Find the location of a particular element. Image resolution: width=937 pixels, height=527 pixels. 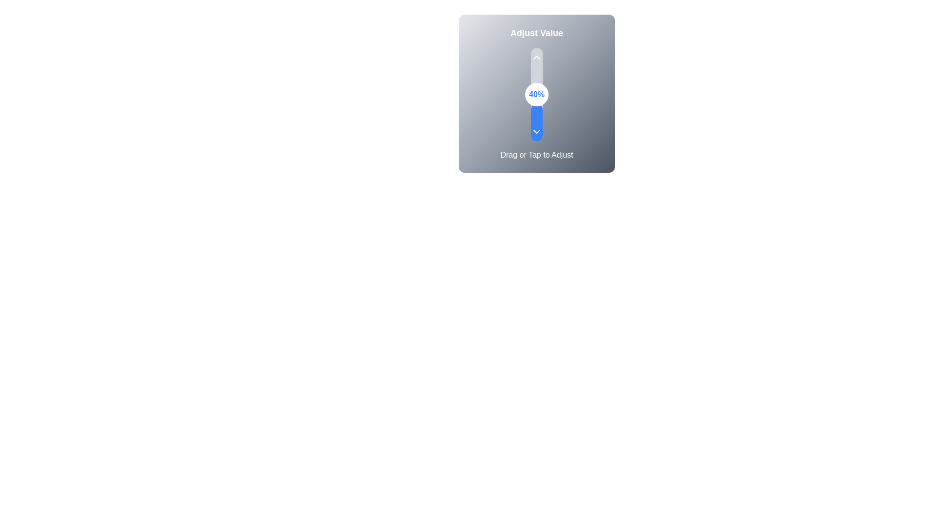

the slider value is located at coordinates (536, 104).